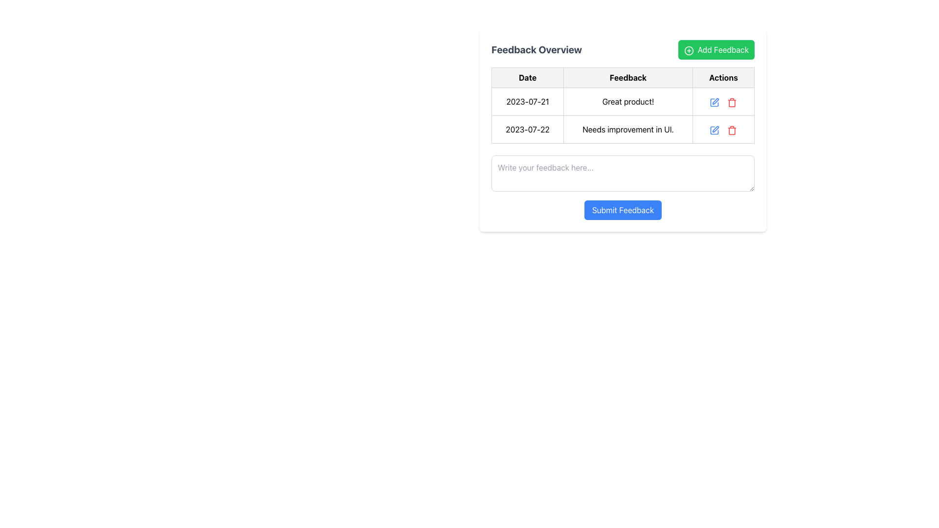  I want to click on the editing icon in the 'Actions' column of the second row of the feedback table, so click(715, 130).